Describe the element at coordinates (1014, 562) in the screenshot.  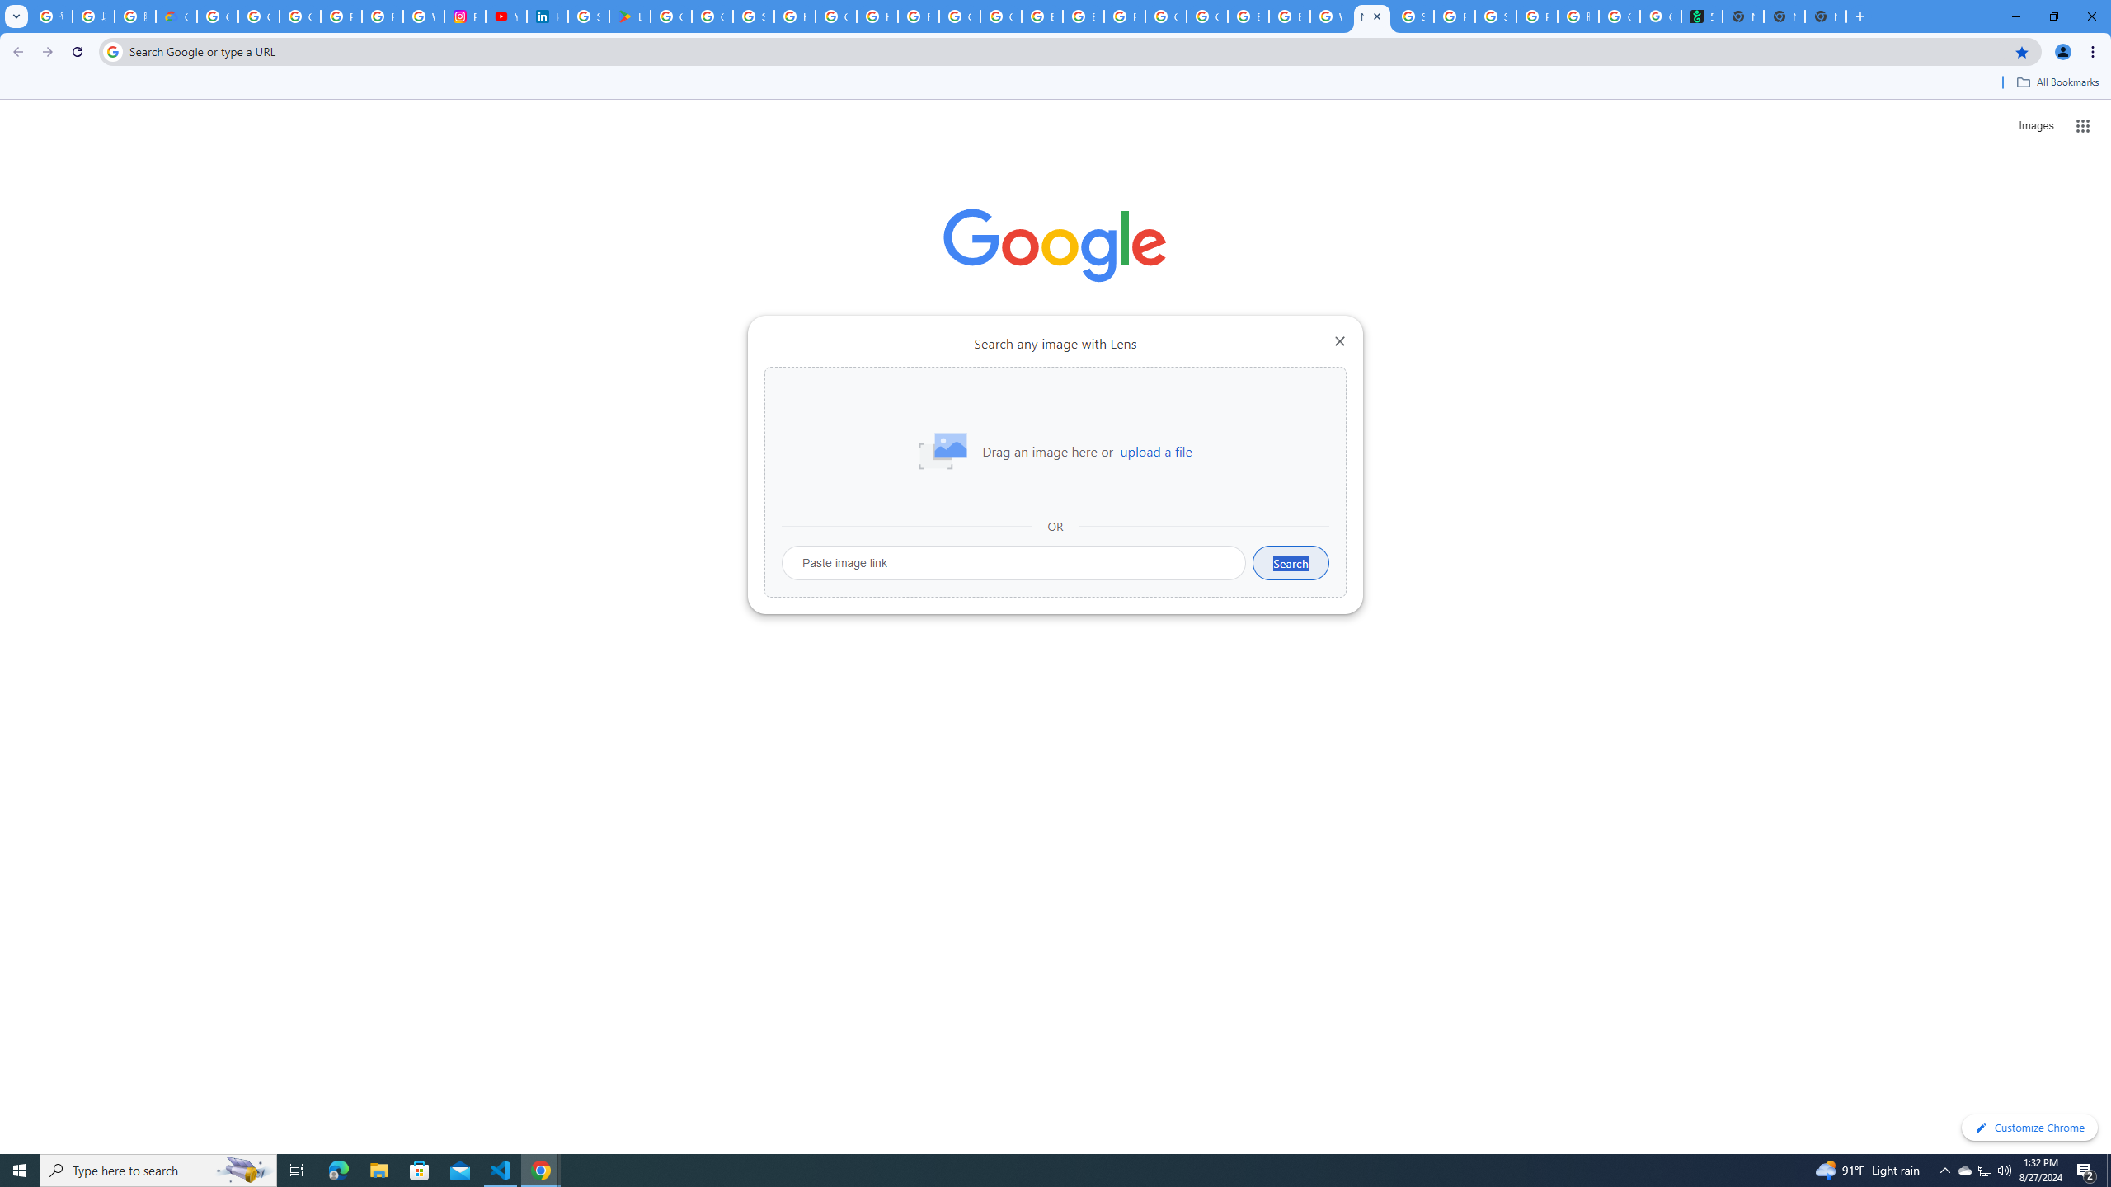
I see `'Paste image link'` at that location.